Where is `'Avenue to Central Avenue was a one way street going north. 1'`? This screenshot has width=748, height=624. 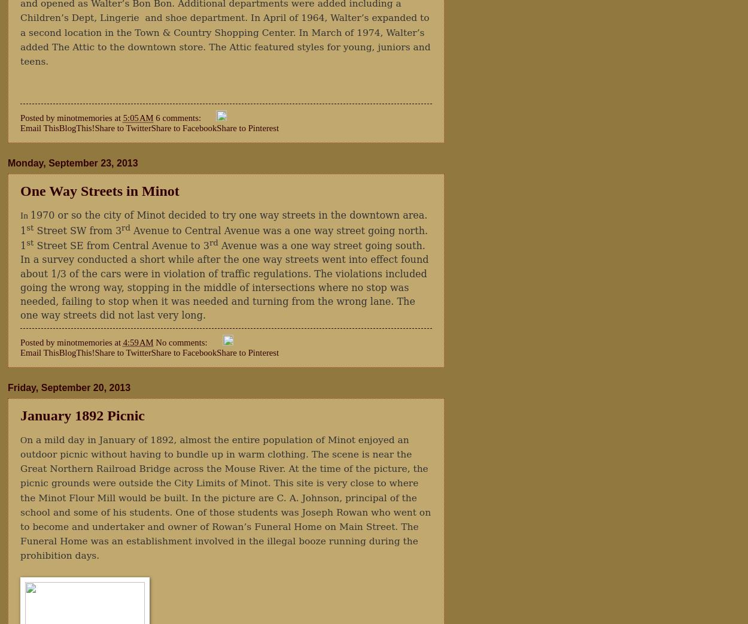
'Avenue to Central Avenue was a one way street going north. 1' is located at coordinates (223, 237).